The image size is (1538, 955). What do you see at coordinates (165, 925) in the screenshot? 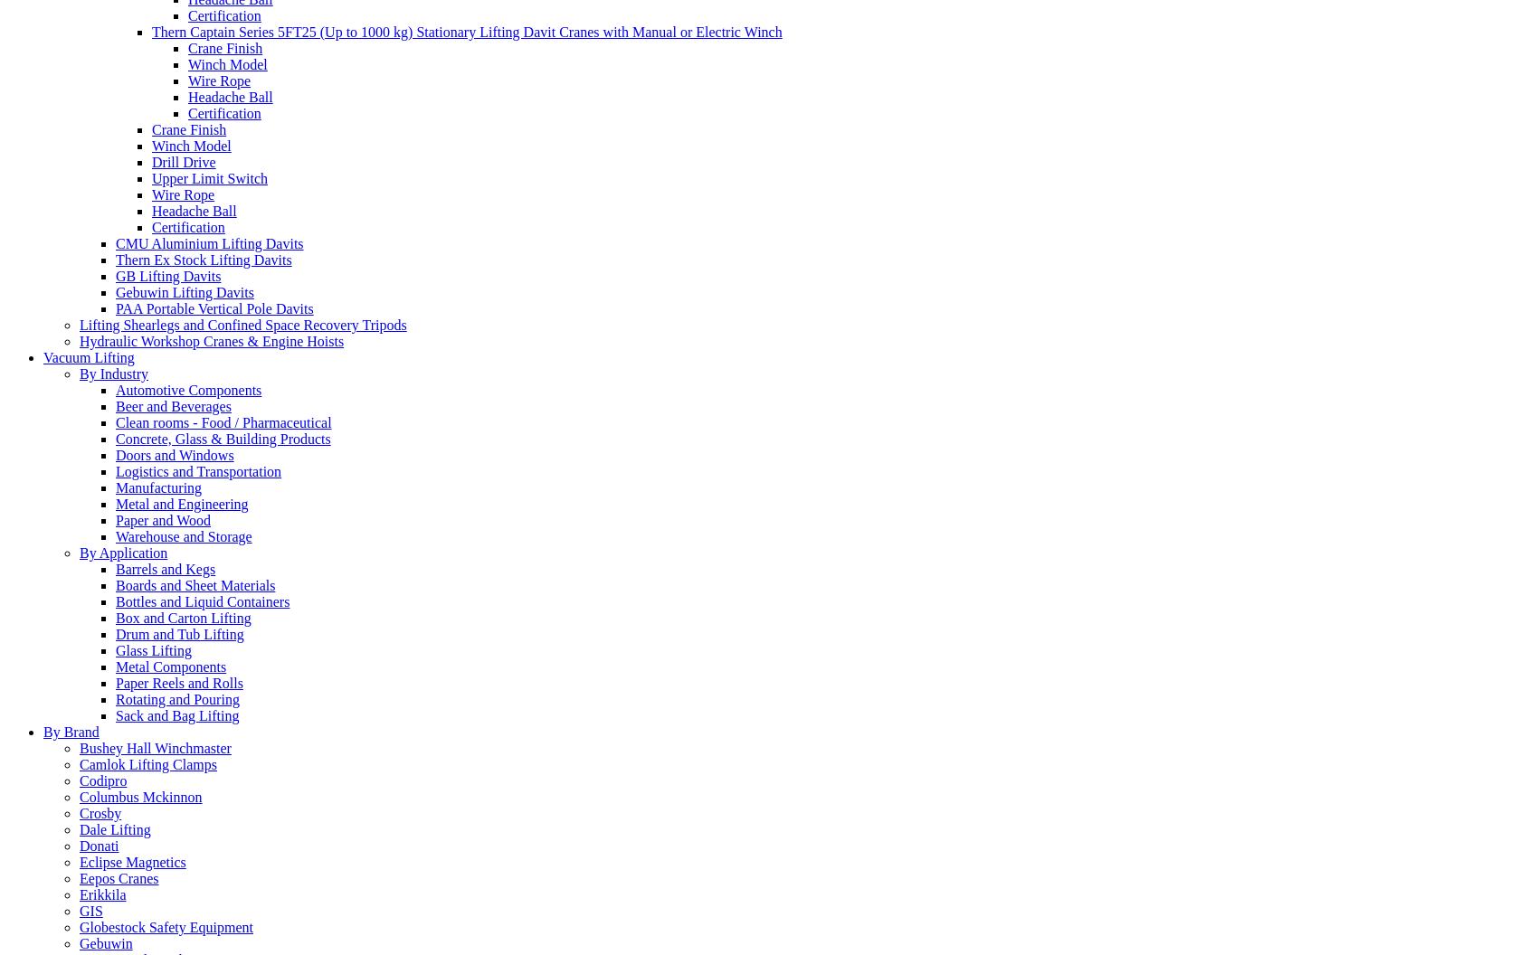
I see `'Globestock Safety Equipment'` at bounding box center [165, 925].